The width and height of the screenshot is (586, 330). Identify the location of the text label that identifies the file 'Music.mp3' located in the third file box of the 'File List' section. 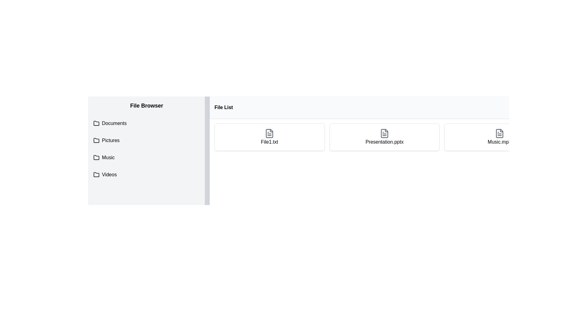
(499, 142).